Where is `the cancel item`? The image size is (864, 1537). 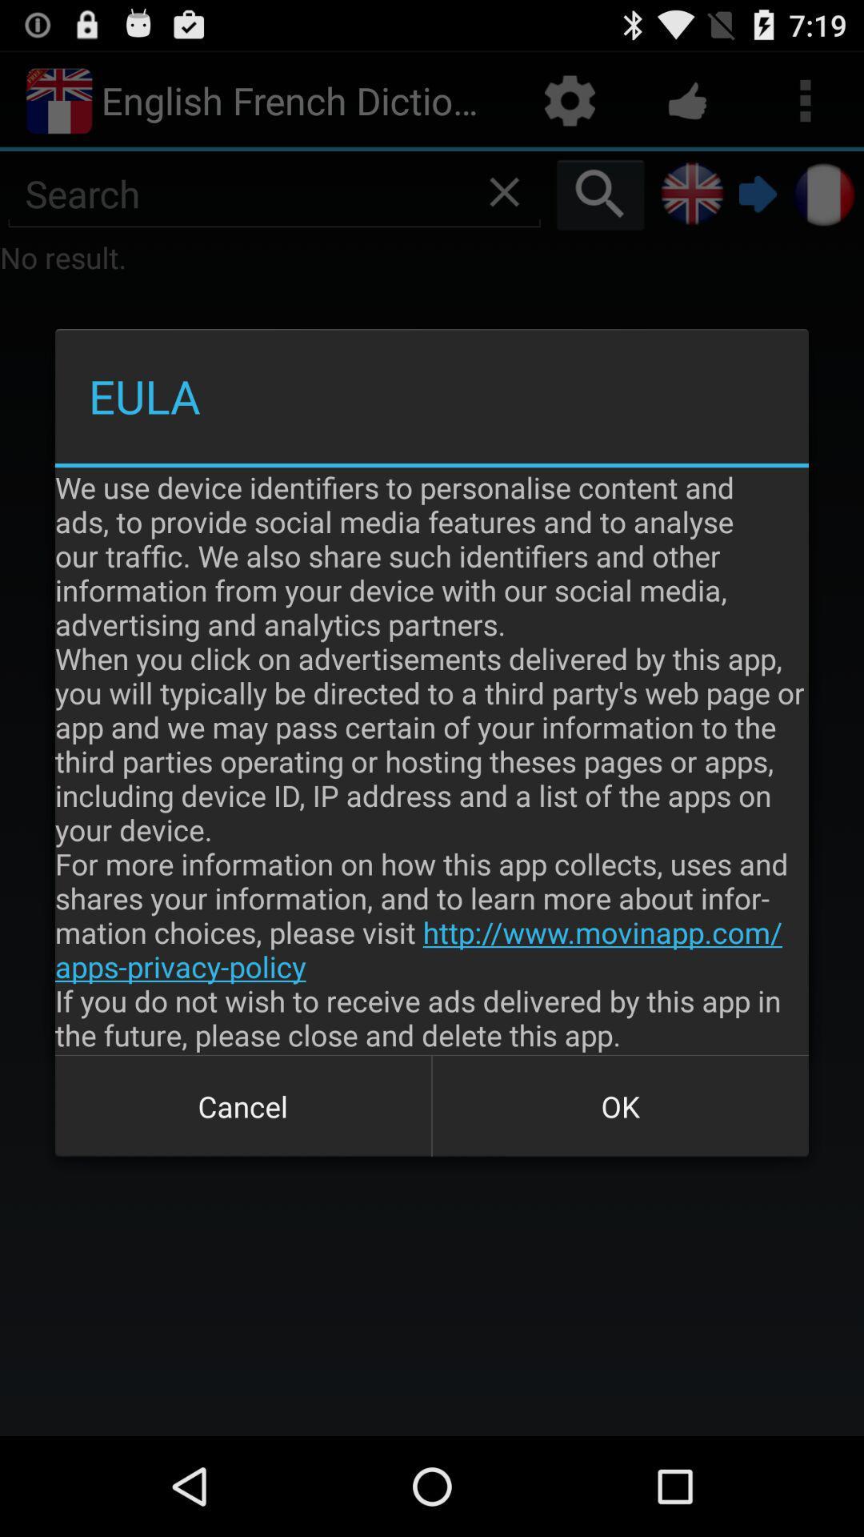
the cancel item is located at coordinates (243, 1106).